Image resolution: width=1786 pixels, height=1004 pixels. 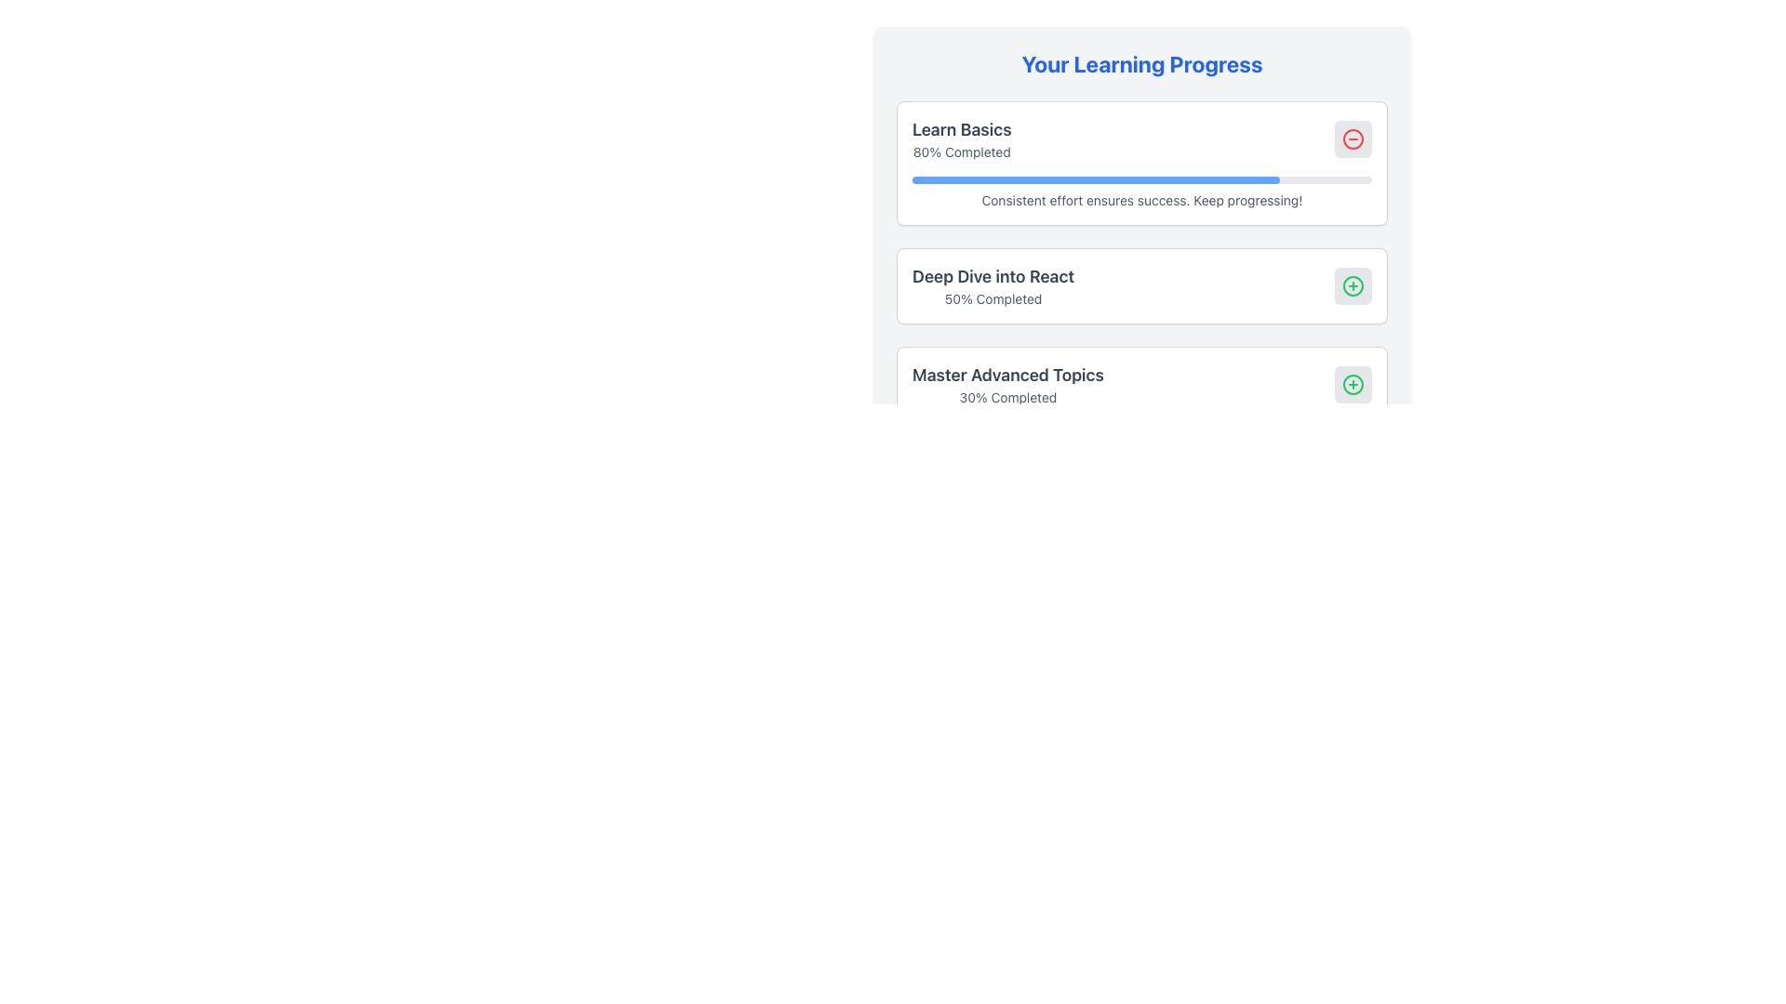 What do you see at coordinates (1353, 383) in the screenshot?
I see `the third icon button in the vertical list located to the far right of the 'Master Advanced Topics' progress entry` at bounding box center [1353, 383].